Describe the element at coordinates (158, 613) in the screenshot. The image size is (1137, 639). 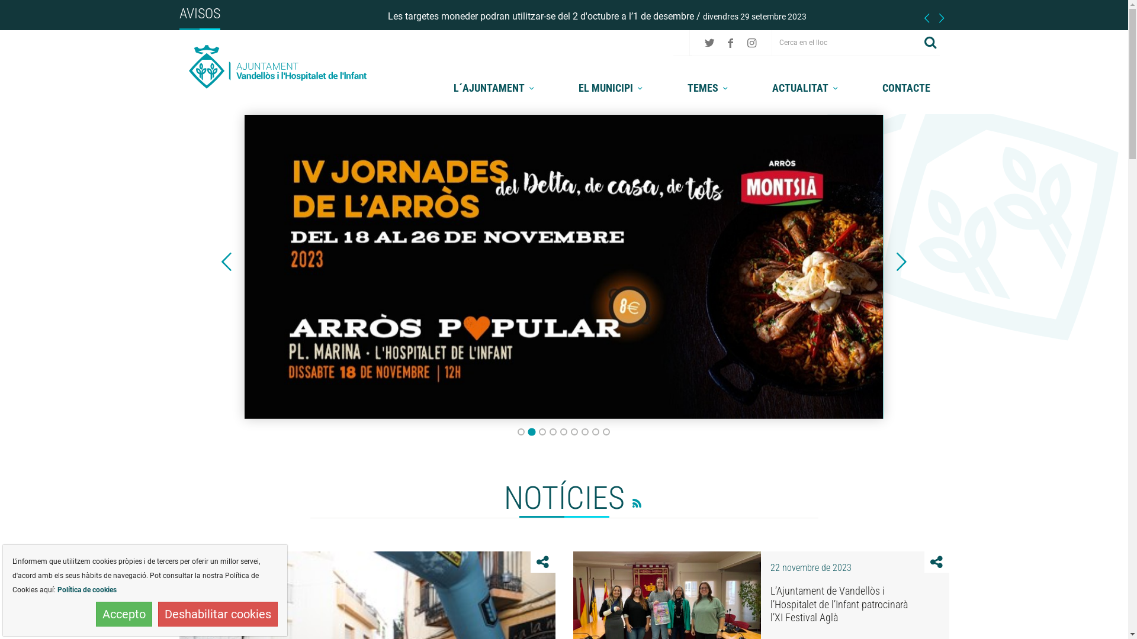
I see `'Deshabilitar cookies'` at that location.